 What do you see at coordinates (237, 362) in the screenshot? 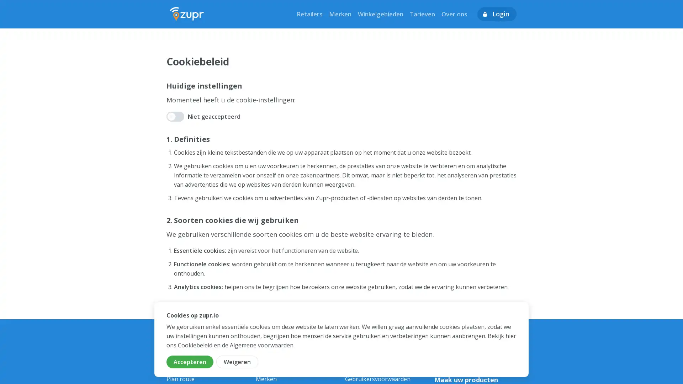
I see `Decline cookies` at bounding box center [237, 362].